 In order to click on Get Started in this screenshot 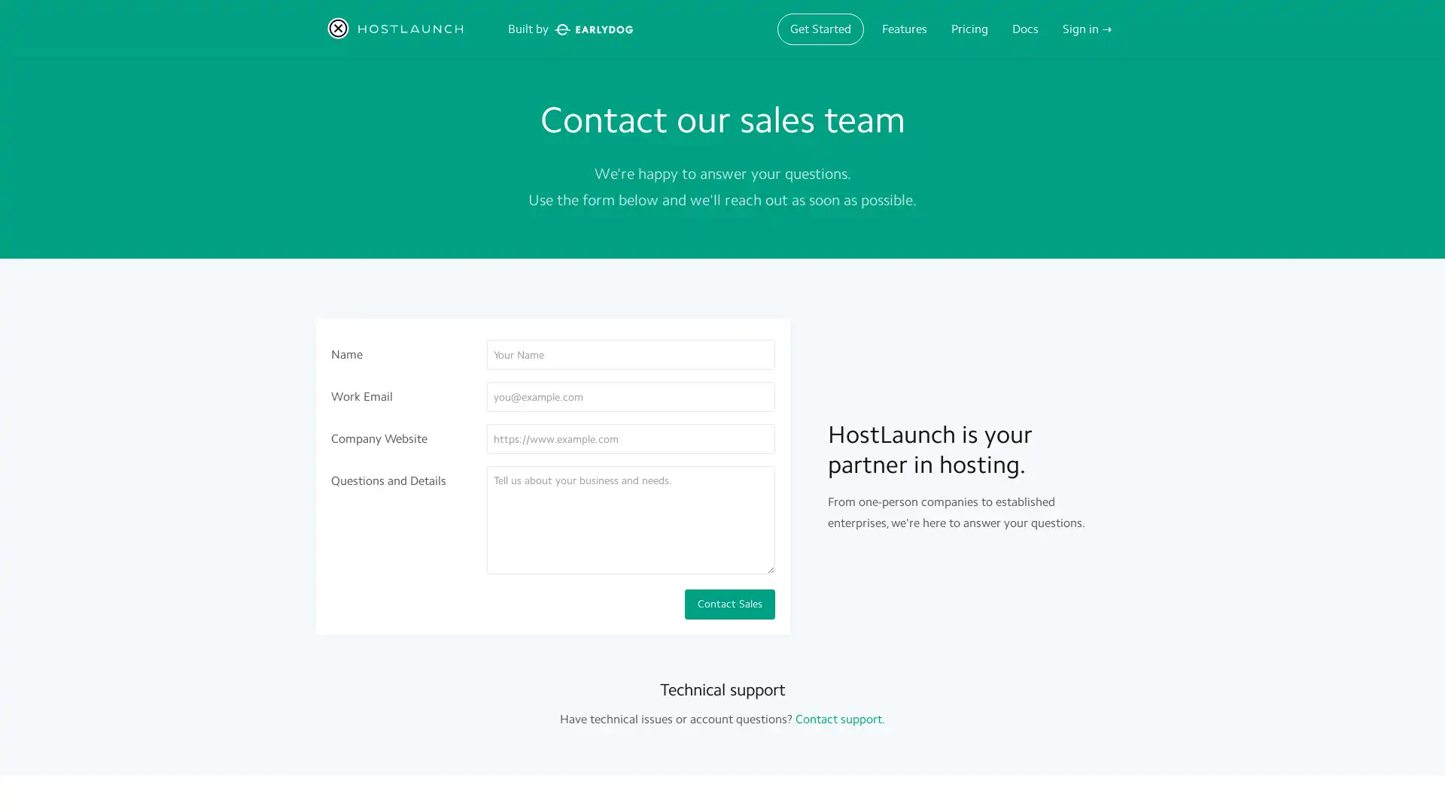, I will do `click(820, 29)`.